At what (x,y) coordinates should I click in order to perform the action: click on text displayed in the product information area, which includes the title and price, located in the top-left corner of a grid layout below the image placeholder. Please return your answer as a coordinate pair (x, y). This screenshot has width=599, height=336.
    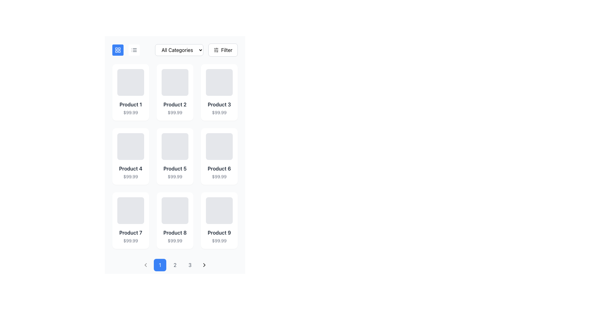
    Looking at the image, I should click on (130, 108).